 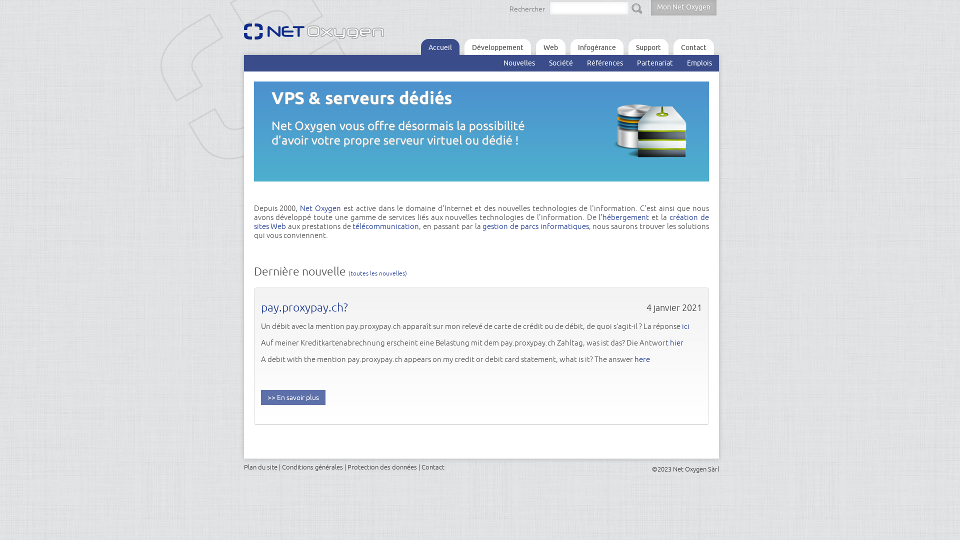 I want to click on 'Accueil', so click(x=440, y=46).